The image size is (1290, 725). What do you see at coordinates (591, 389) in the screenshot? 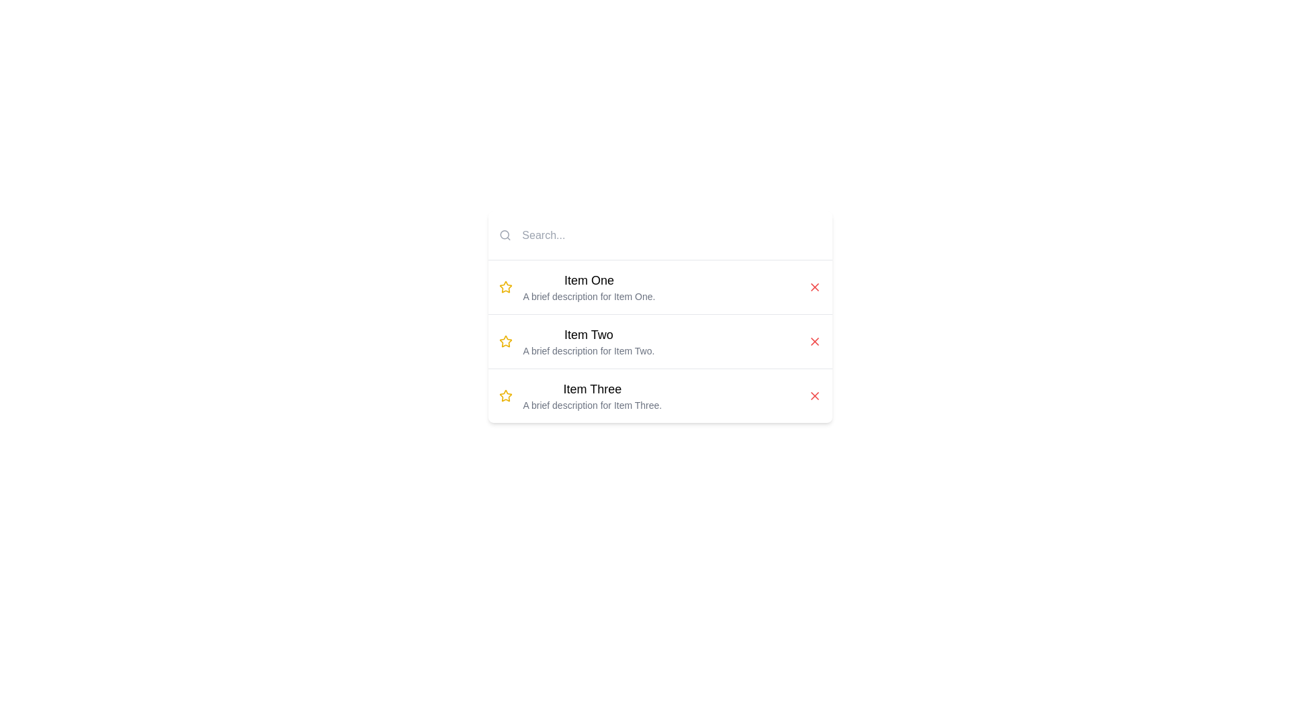
I see `text content of the prominent heading labeled 'Item Three' in the list interface` at bounding box center [591, 389].